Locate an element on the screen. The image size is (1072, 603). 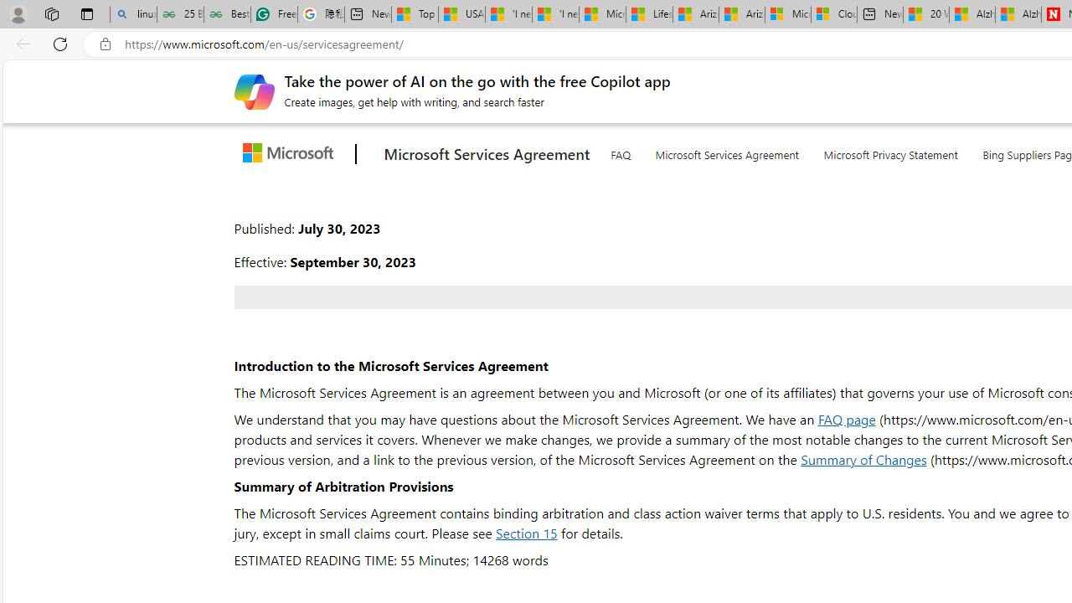
'FAQ' is located at coordinates (619, 152).